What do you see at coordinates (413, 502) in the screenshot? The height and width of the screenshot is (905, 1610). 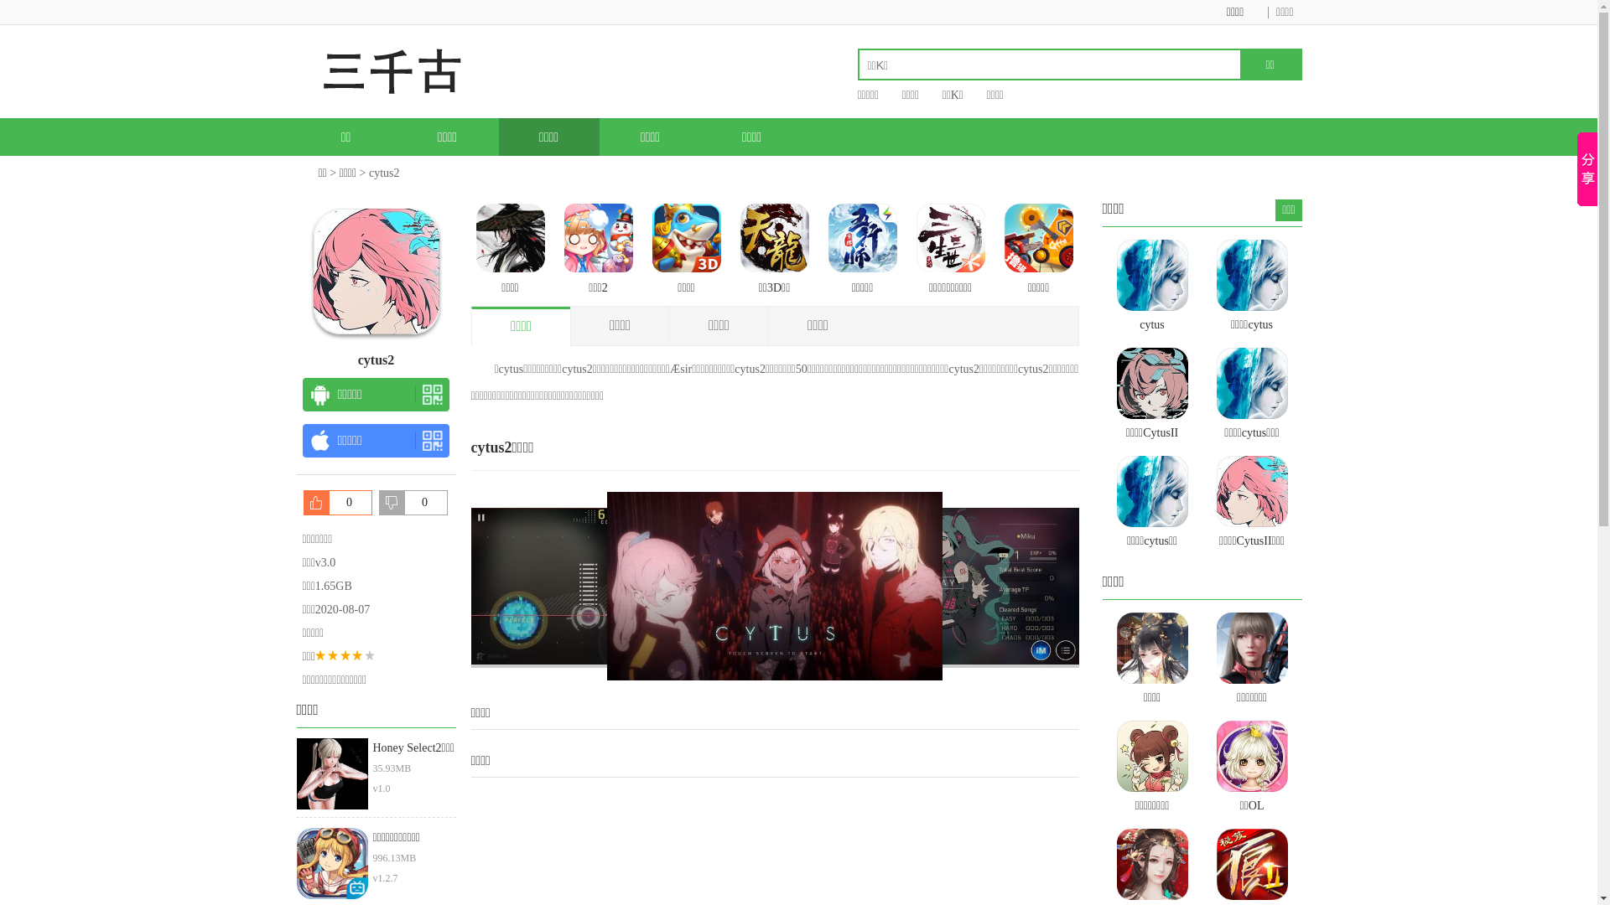 I see `'0'` at bounding box center [413, 502].